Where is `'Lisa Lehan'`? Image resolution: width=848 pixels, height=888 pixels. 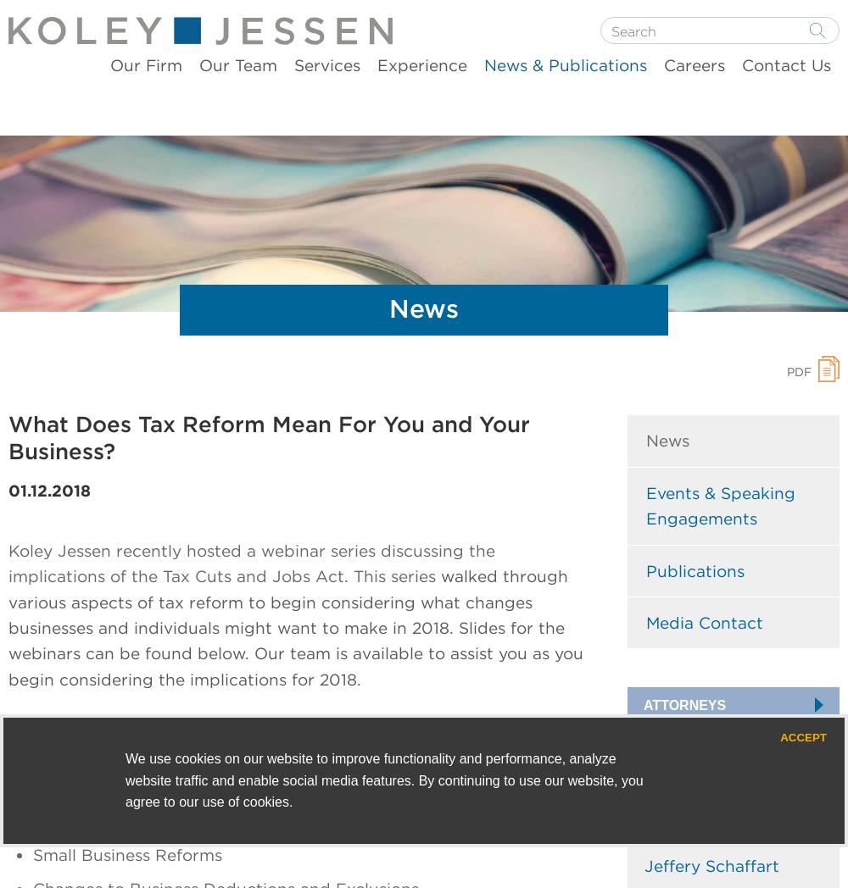 'Lisa Lehan' is located at coordinates (687, 829).